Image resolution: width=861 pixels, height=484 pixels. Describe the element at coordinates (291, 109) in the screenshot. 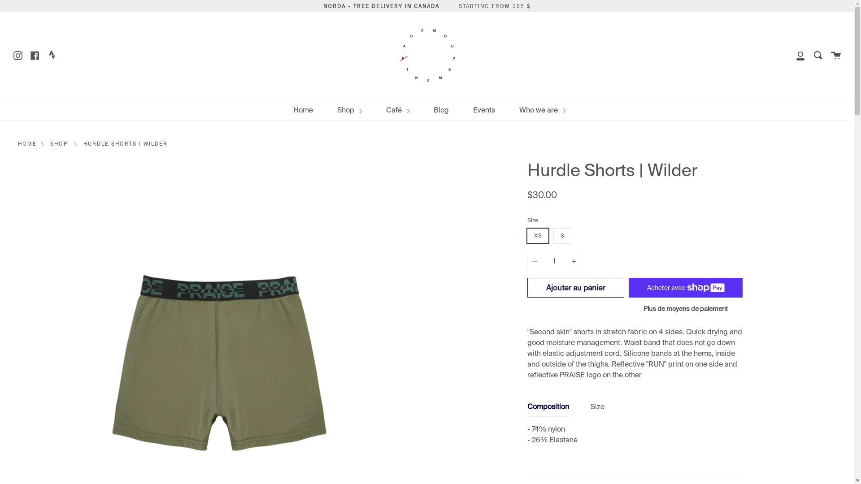

I see `'Home'` at that location.